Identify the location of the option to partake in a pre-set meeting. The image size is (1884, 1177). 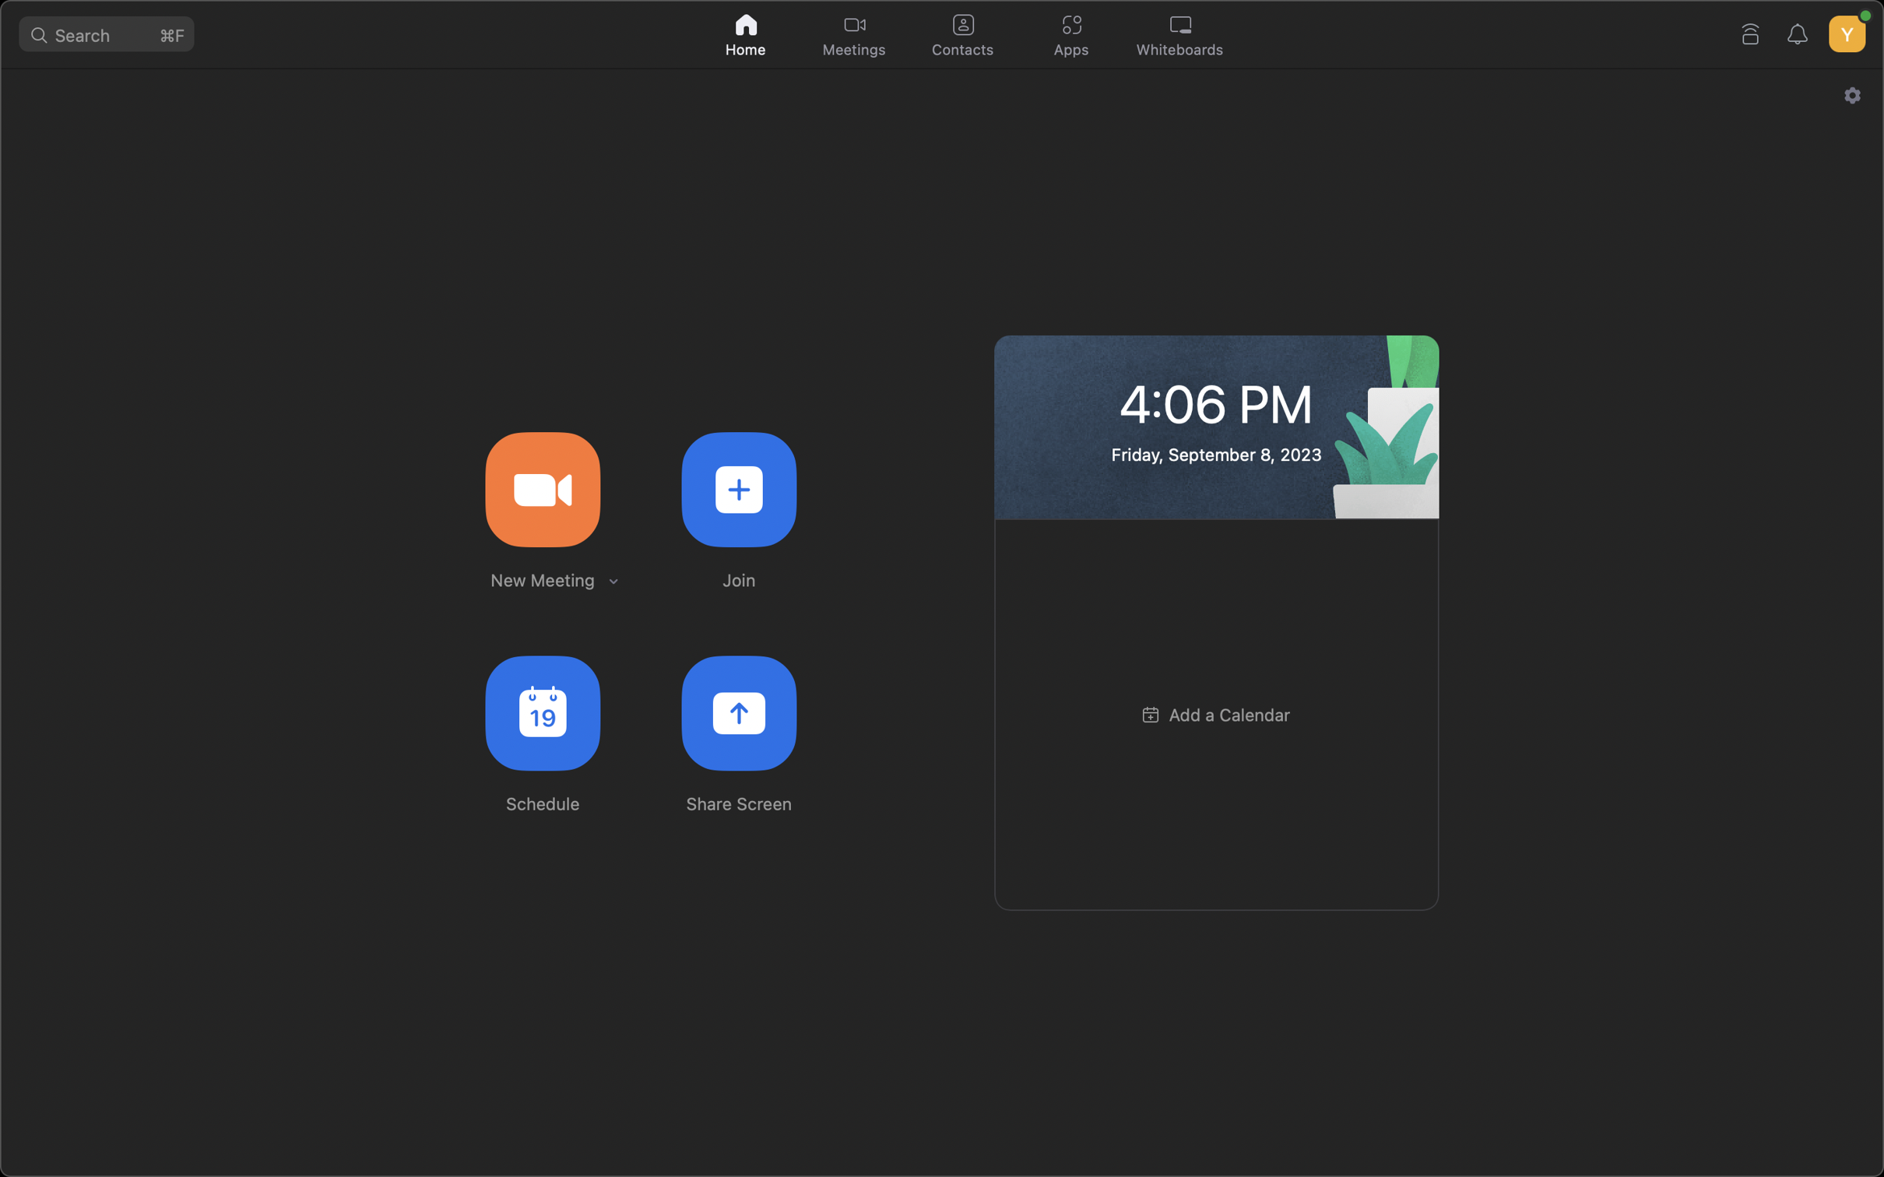
(738, 487).